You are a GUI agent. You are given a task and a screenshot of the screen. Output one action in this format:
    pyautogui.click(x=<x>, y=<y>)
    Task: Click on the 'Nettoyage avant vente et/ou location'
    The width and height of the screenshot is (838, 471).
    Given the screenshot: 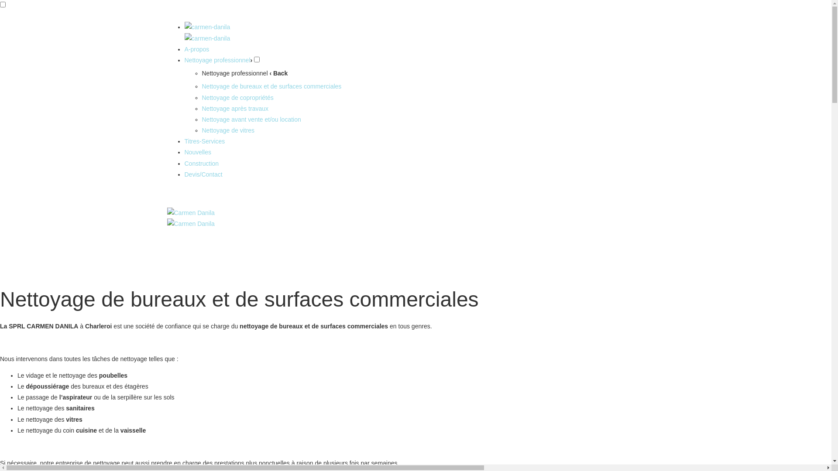 What is the action you would take?
    pyautogui.click(x=201, y=119)
    